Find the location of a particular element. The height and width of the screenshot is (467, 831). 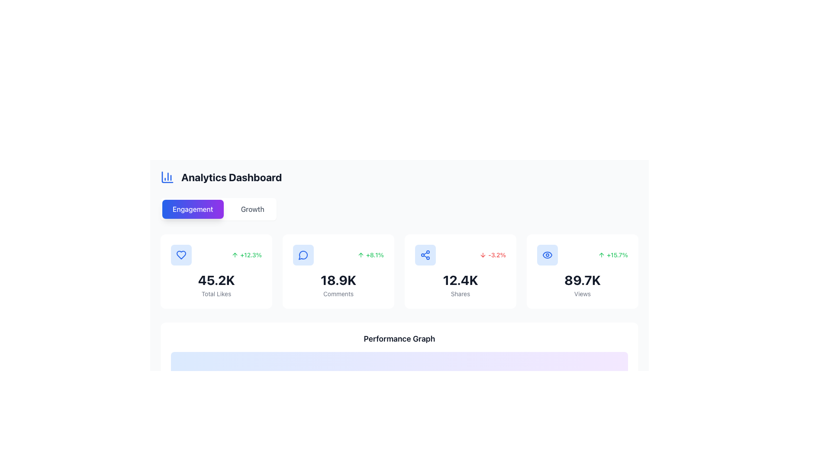

the heart-shaped icon with a blue outline that represents the 'Total Likes' metric, which is prominently displayed on a light blue background is located at coordinates (180, 255).